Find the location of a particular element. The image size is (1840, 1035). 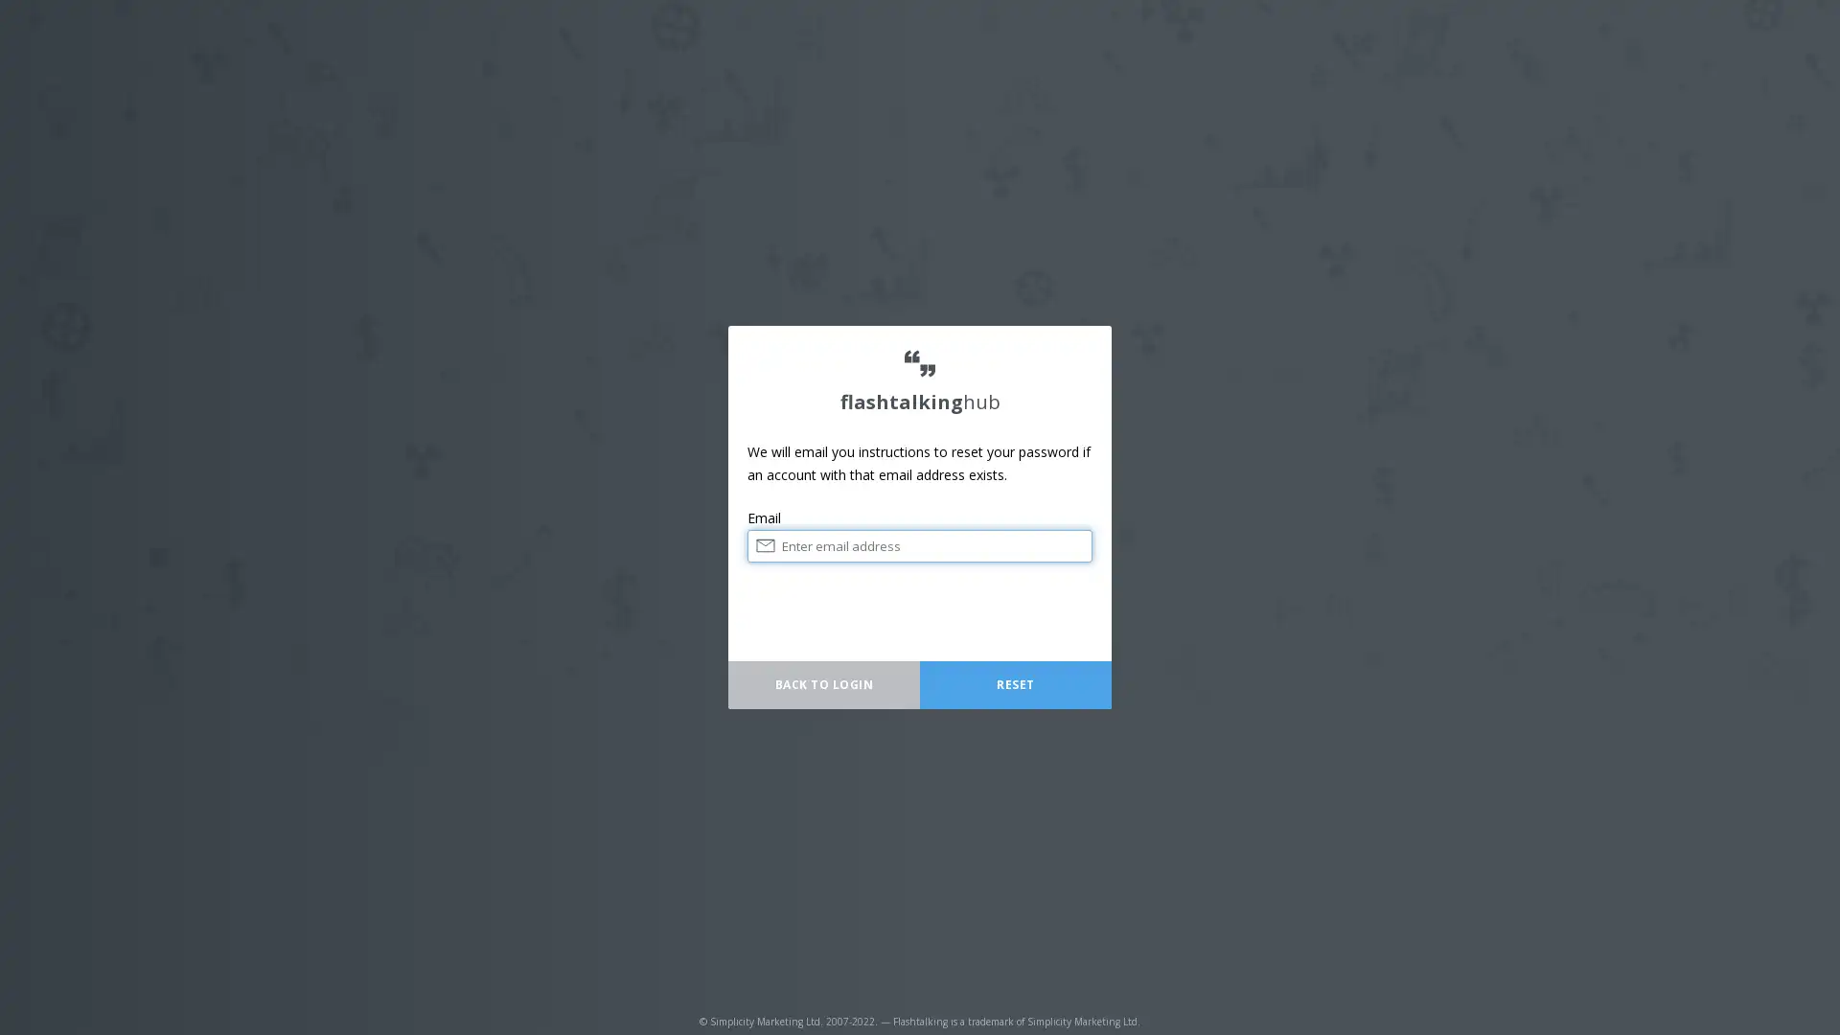

RESET is located at coordinates (1015, 683).